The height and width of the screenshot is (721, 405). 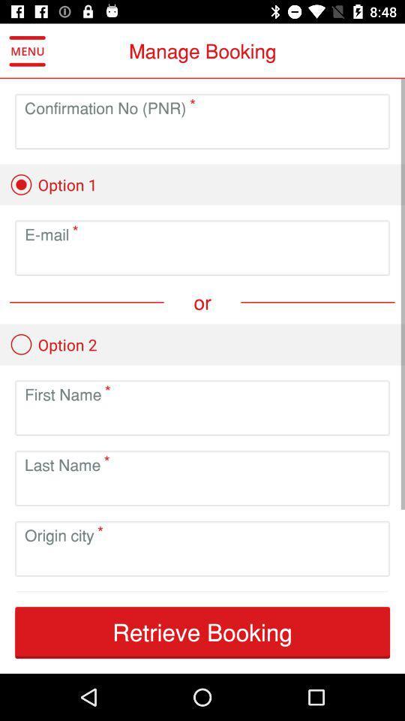 What do you see at coordinates (202, 260) in the screenshot?
I see `to create email option` at bounding box center [202, 260].